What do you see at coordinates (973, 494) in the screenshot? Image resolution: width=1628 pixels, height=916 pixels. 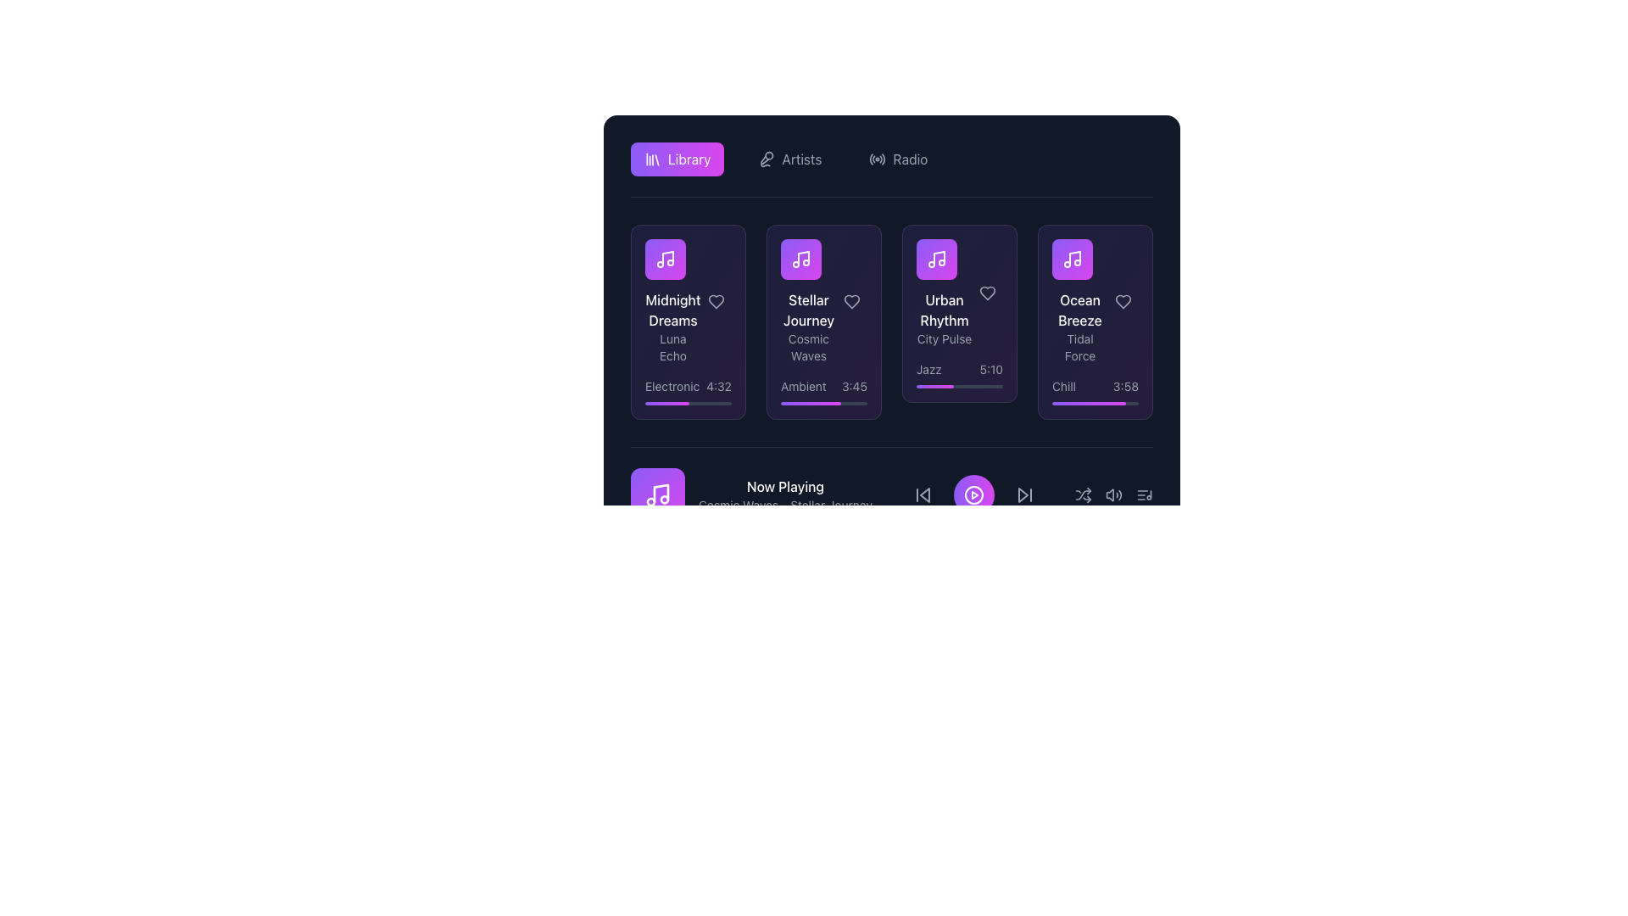 I see `the circular outline of the play button icon located in the bottom media controls bar, positioned between the rewind and fast-forward buttons` at bounding box center [973, 494].